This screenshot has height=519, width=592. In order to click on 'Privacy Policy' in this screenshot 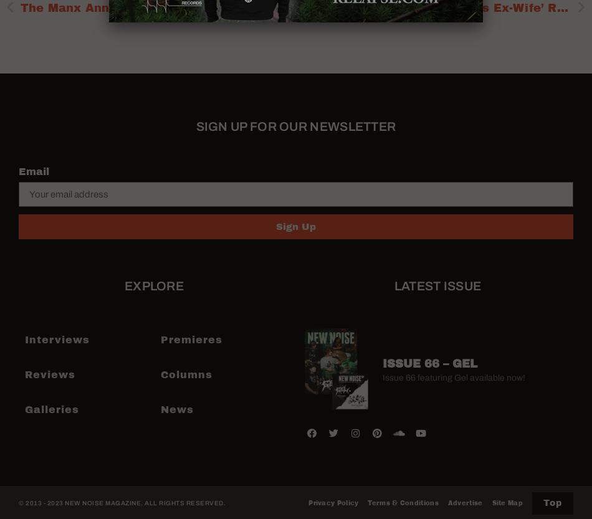, I will do `click(333, 502)`.